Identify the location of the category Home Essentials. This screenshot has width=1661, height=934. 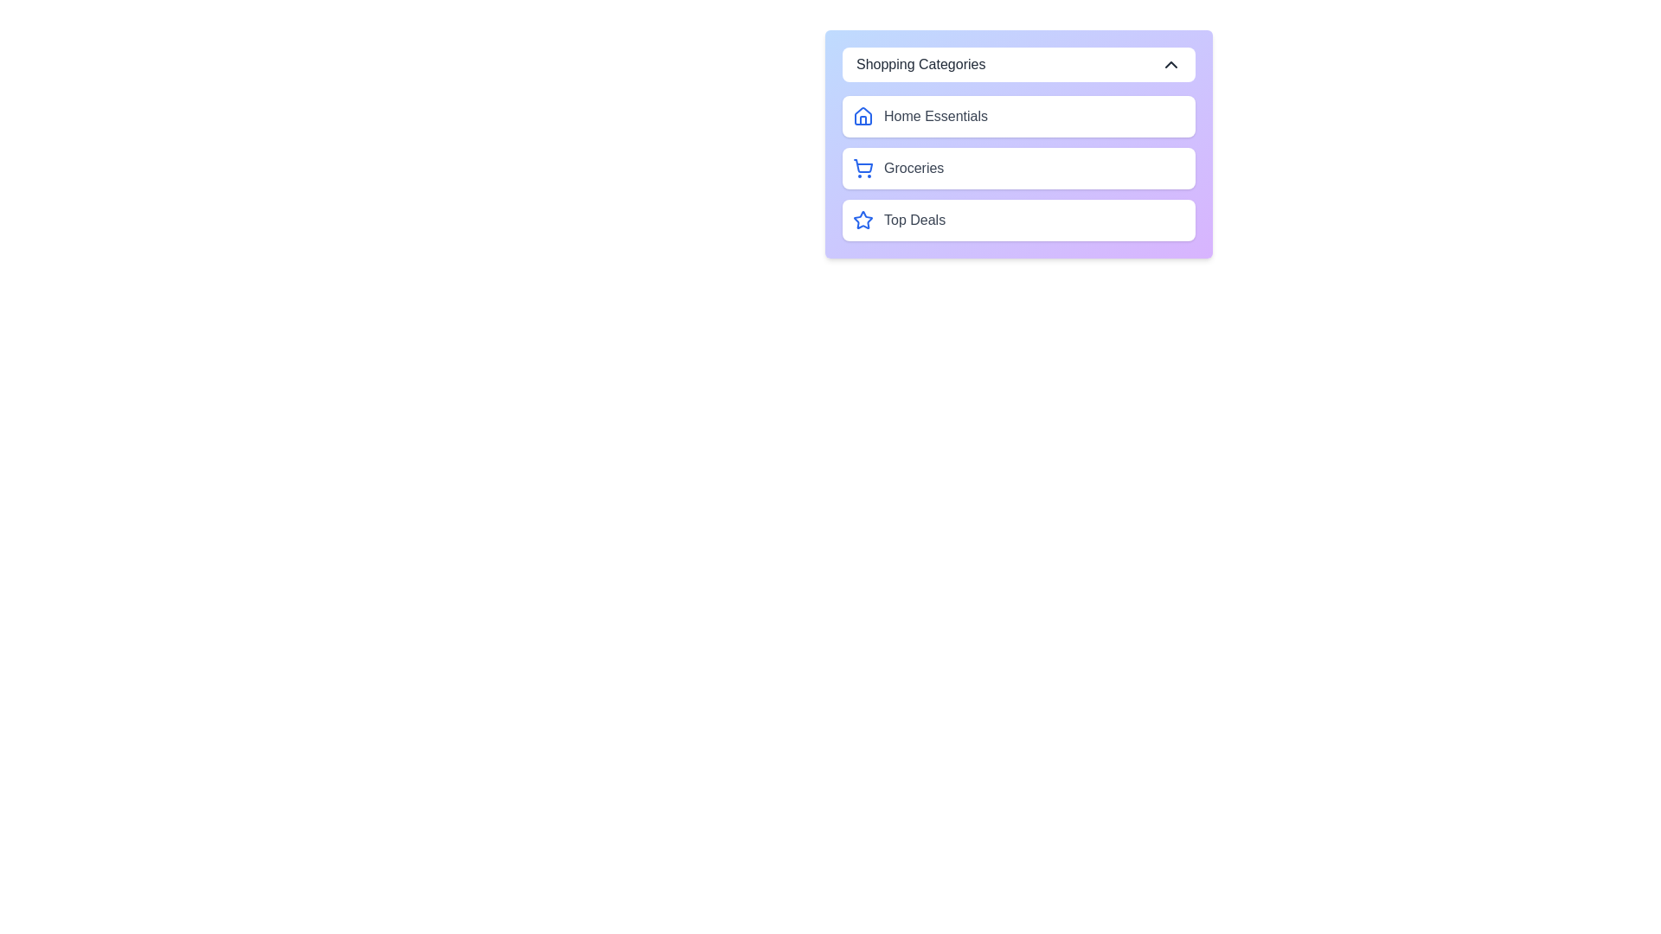
(1018, 117).